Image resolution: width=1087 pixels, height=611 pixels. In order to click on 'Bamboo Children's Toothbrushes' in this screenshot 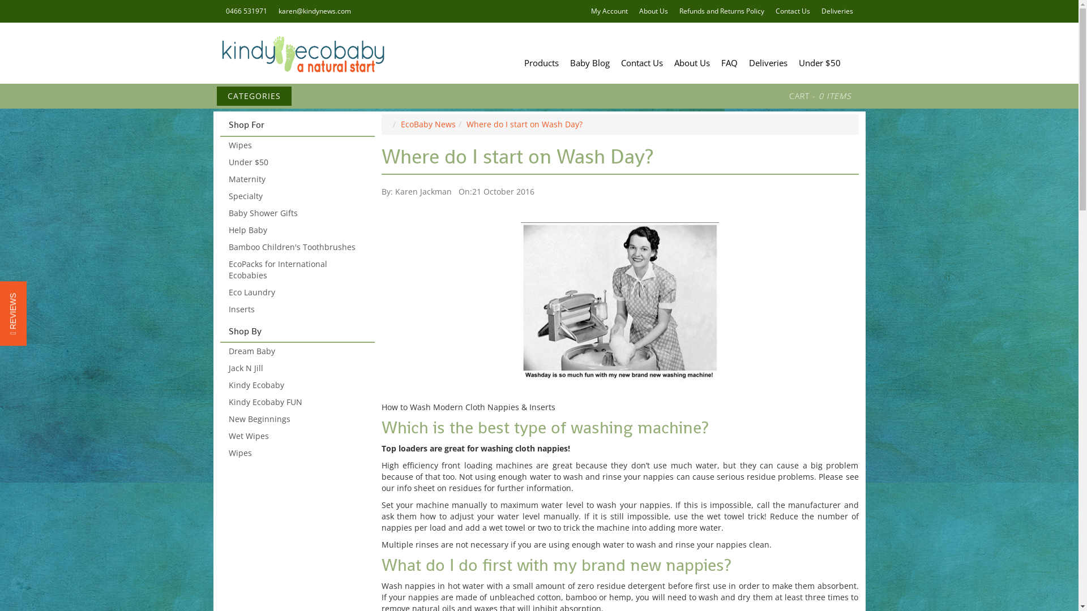, I will do `click(297, 246)`.